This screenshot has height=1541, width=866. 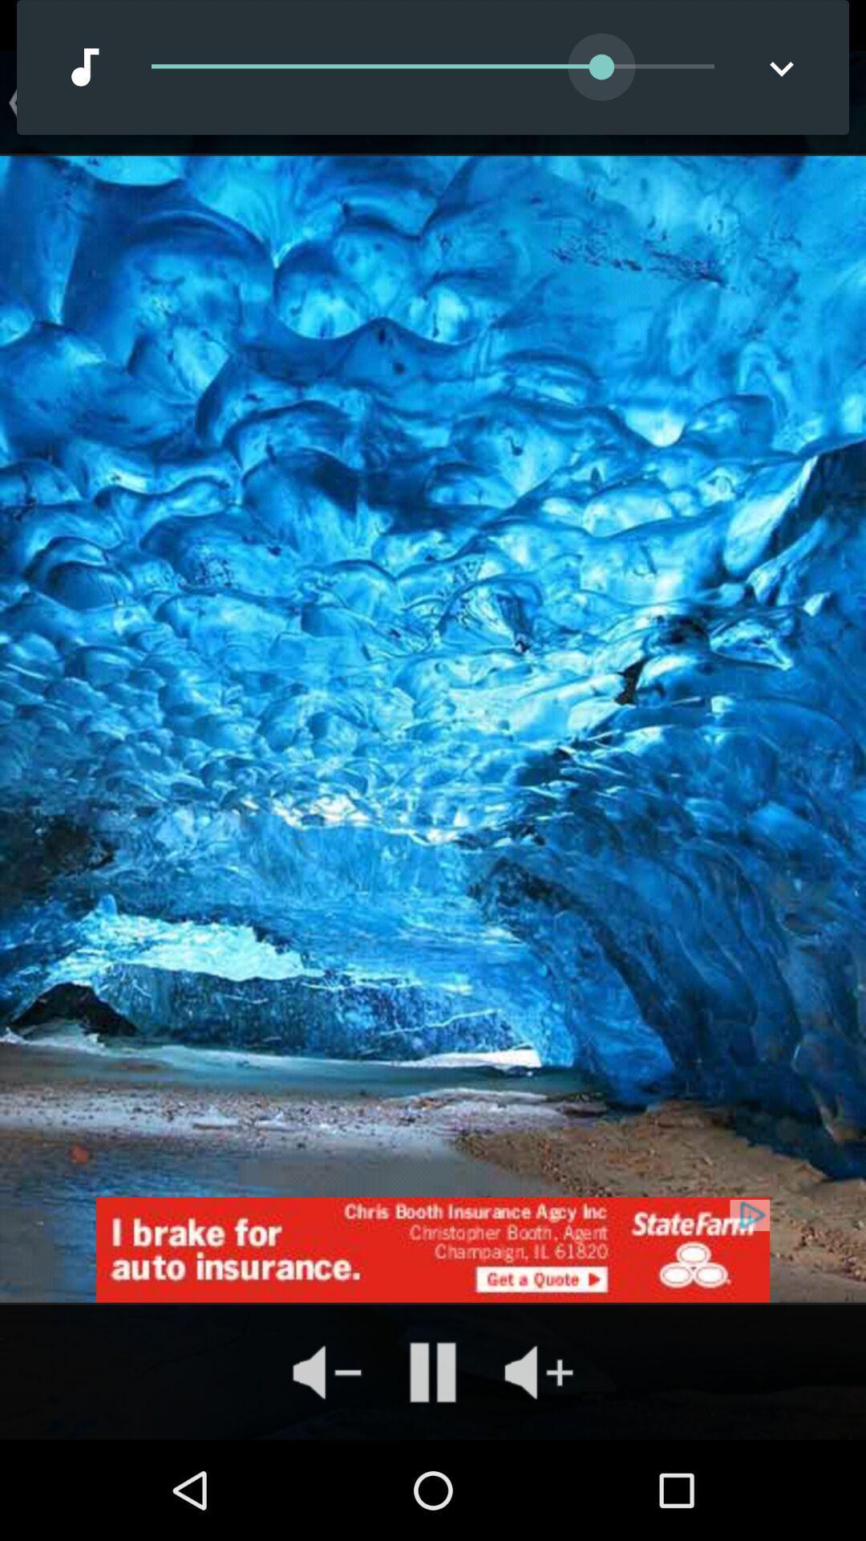 I want to click on the pause icon, so click(x=433, y=1371).